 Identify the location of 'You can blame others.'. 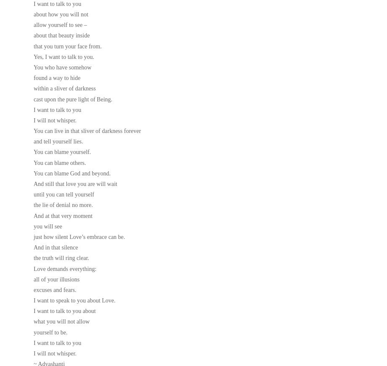
(59, 162).